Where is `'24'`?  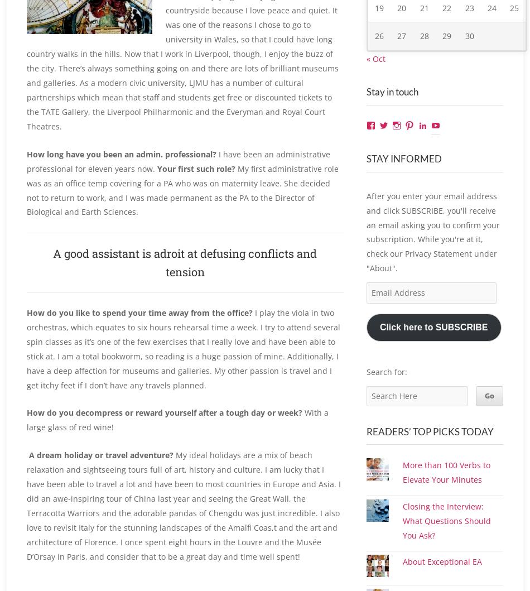
'24' is located at coordinates (491, 20).